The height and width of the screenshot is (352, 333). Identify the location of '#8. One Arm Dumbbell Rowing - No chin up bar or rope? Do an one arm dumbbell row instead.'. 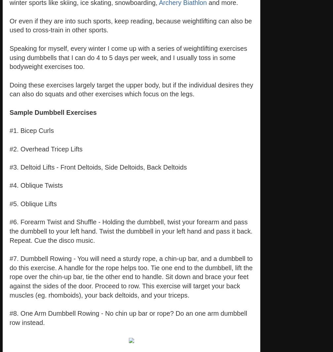
(128, 318).